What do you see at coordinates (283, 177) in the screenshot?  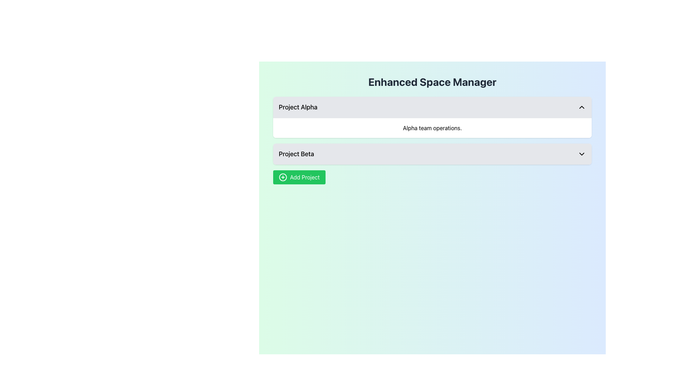 I see `the circular vector graphic element that outlines the plus symbol in the 'Add Project' button located at the bottom of the interface` at bounding box center [283, 177].